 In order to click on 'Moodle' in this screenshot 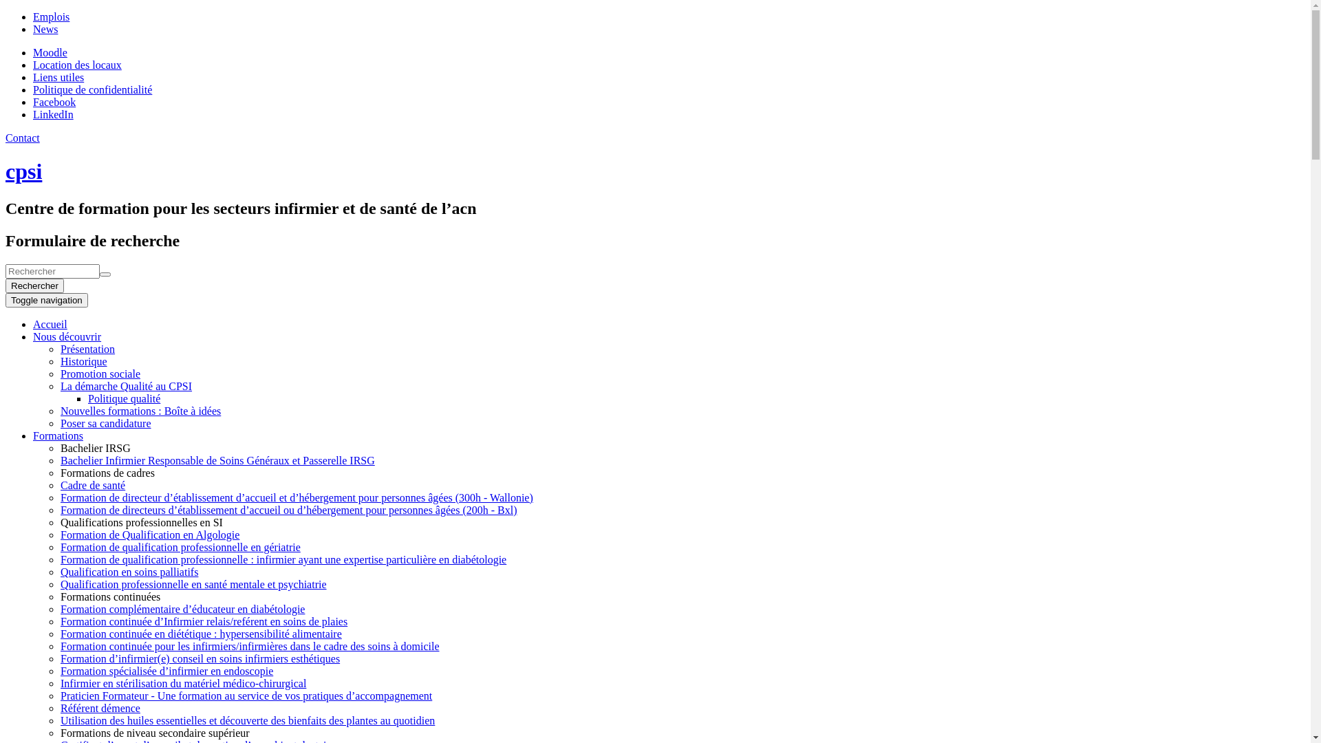, I will do `click(50, 52)`.